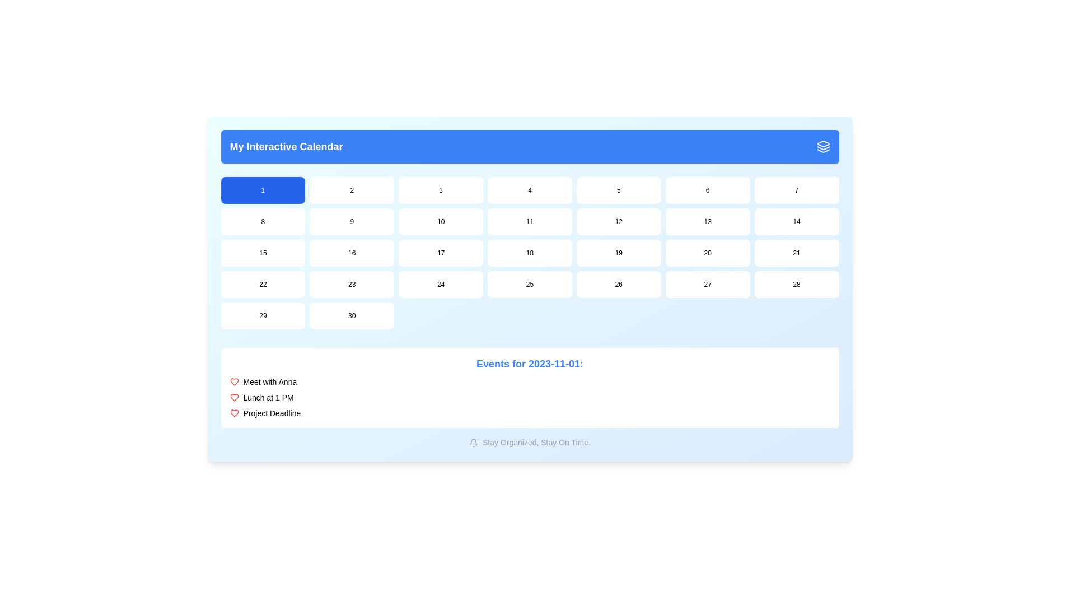  Describe the element at coordinates (262, 222) in the screenshot. I see `the square button labeled '8' in the second row and first column of a grid` at that location.